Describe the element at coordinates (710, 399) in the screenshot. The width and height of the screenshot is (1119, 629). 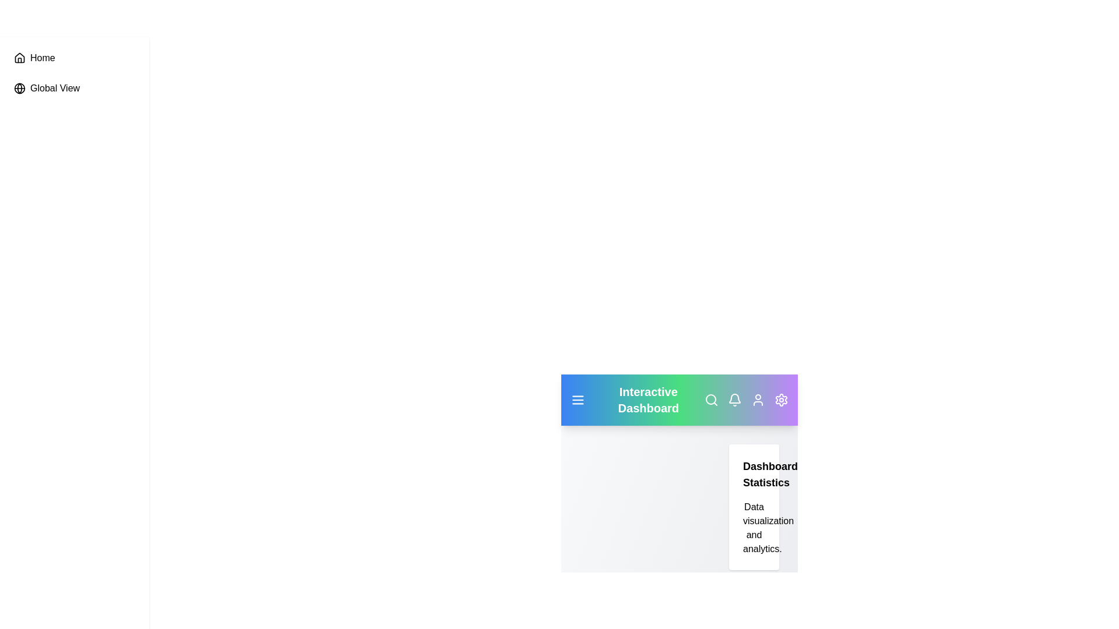
I see `the search icon to activate the search functionality` at that location.